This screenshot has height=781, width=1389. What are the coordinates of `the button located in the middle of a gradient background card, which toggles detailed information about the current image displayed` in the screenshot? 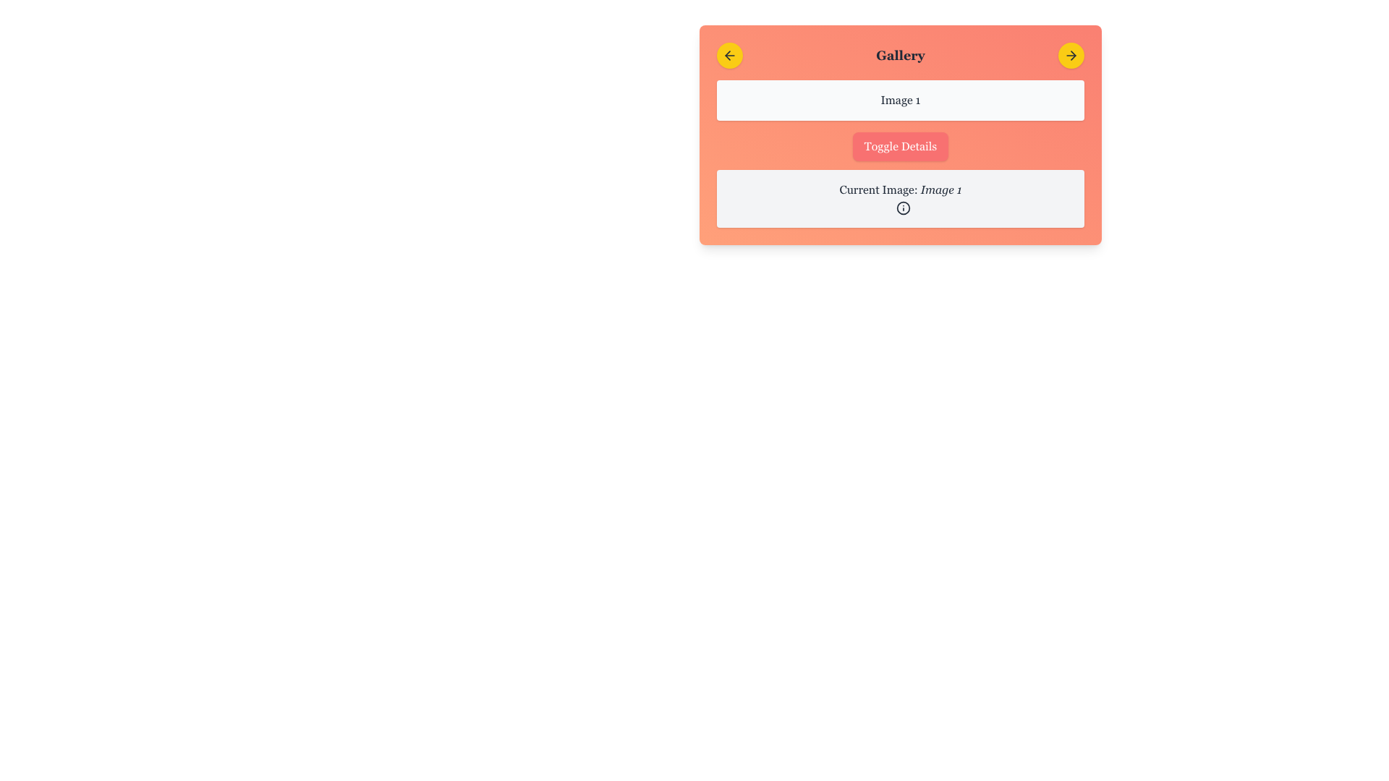 It's located at (899, 135).